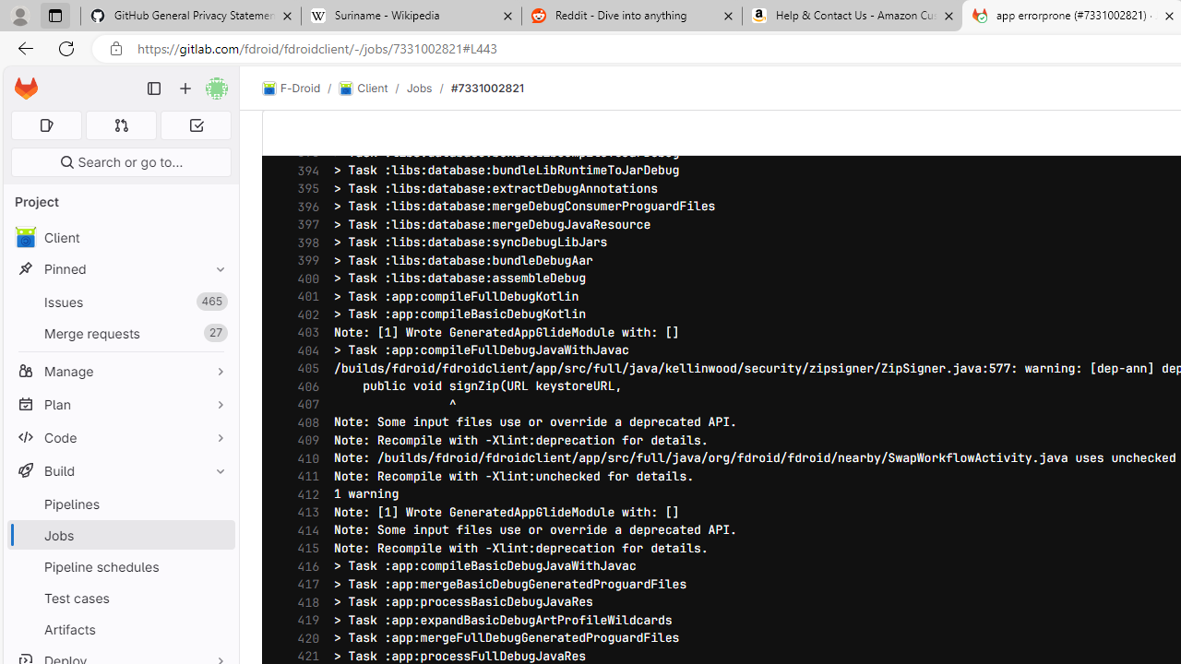 The image size is (1181, 664). What do you see at coordinates (154, 89) in the screenshot?
I see `'Primary navigation sidebar'` at bounding box center [154, 89].